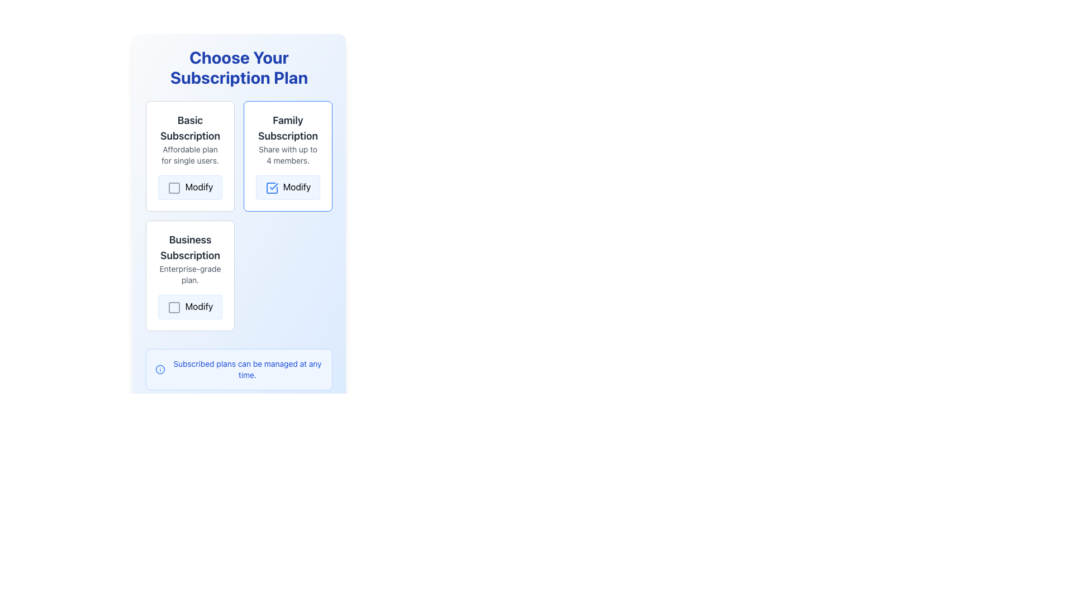  What do you see at coordinates (190, 128) in the screenshot?
I see `the 'Basic Subscription' heading text element, which is styled in bold, large dark gray font and located at the top of the leftmost card in the subscription plans grid` at bounding box center [190, 128].